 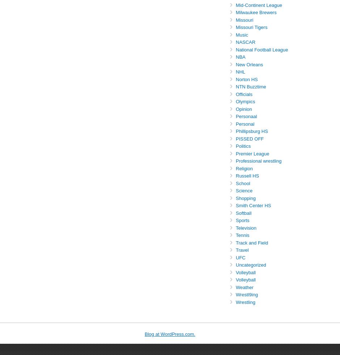 I want to click on 'Missouri Tigers', so click(x=251, y=27).